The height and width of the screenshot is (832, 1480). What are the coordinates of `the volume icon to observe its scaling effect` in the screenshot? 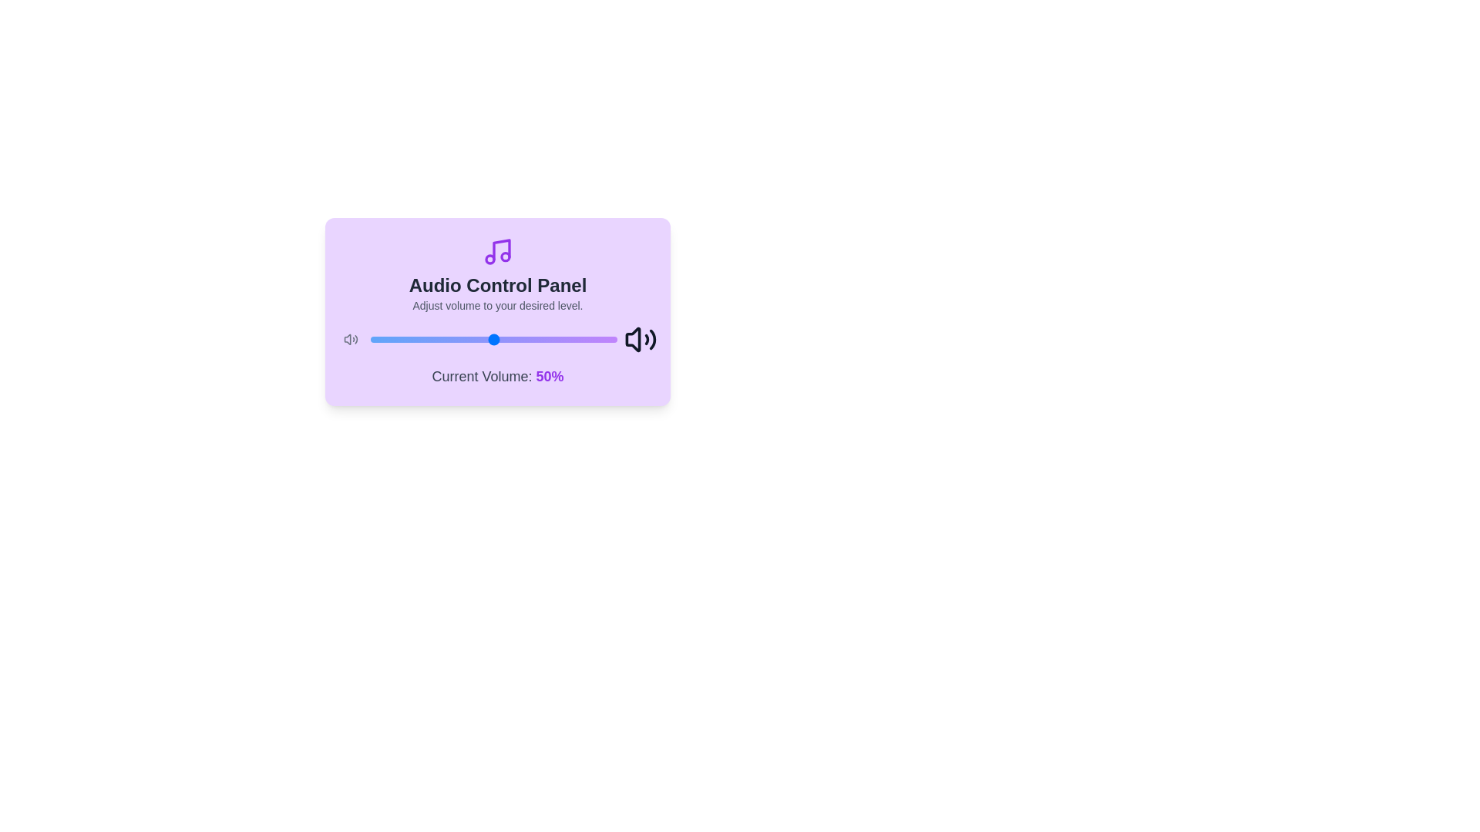 It's located at (640, 338).